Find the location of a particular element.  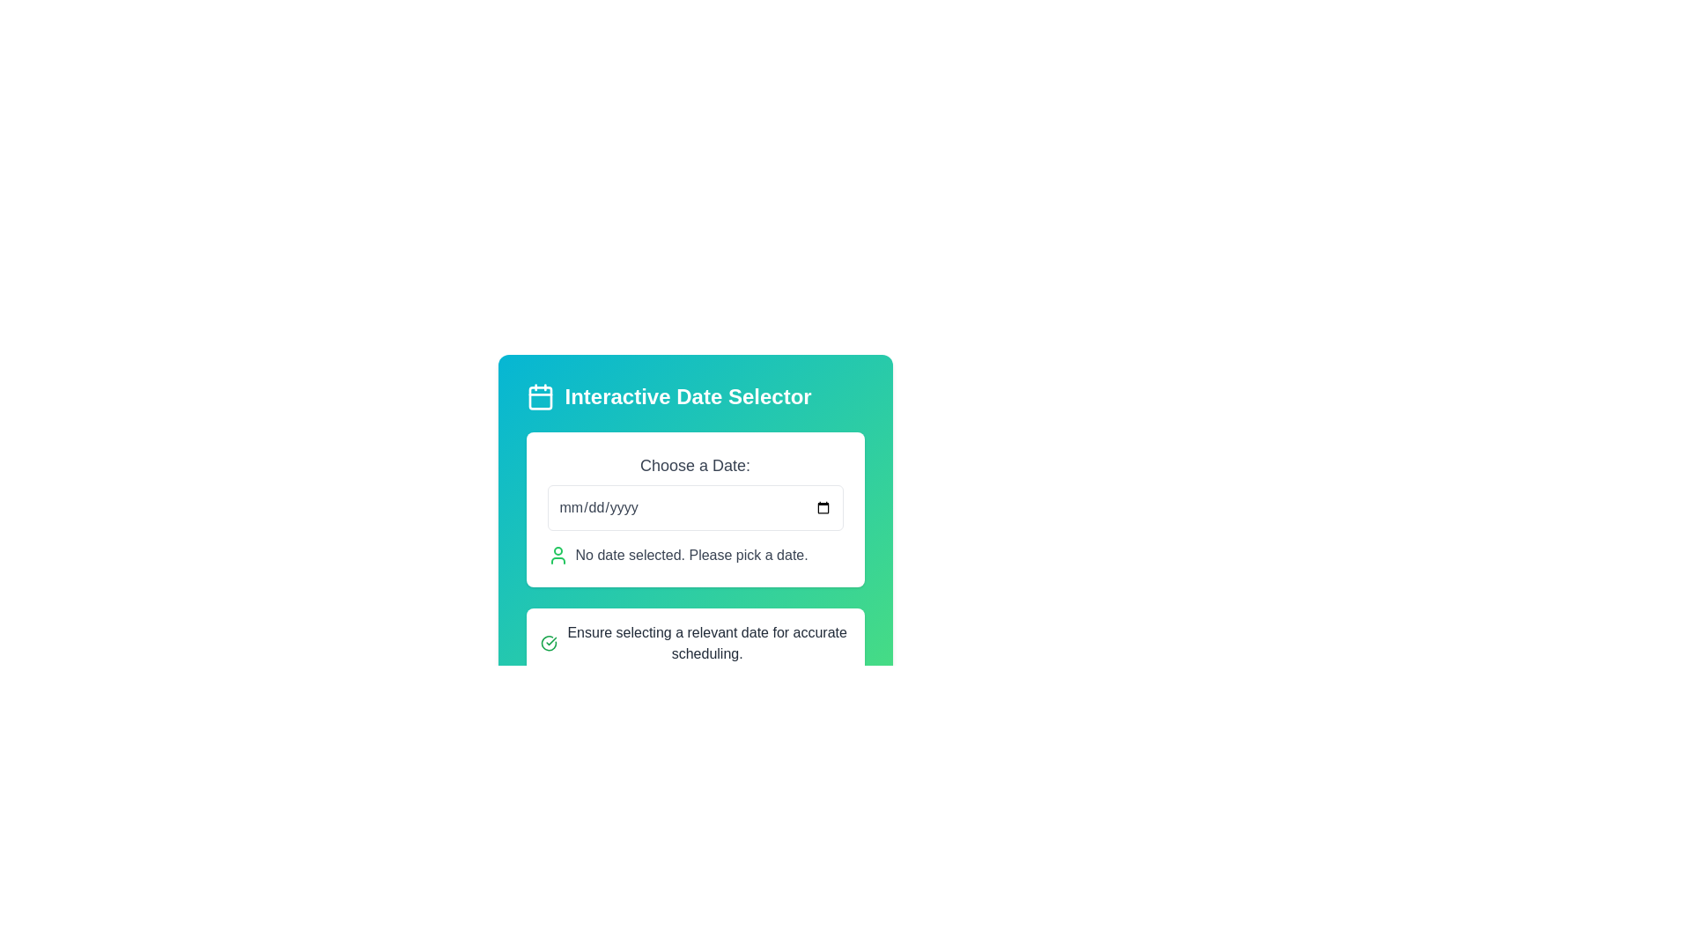

the success indicator icon located to the left of the text 'Ensure selecting a relevant date for accurate scheduling.' is located at coordinates (548, 644).